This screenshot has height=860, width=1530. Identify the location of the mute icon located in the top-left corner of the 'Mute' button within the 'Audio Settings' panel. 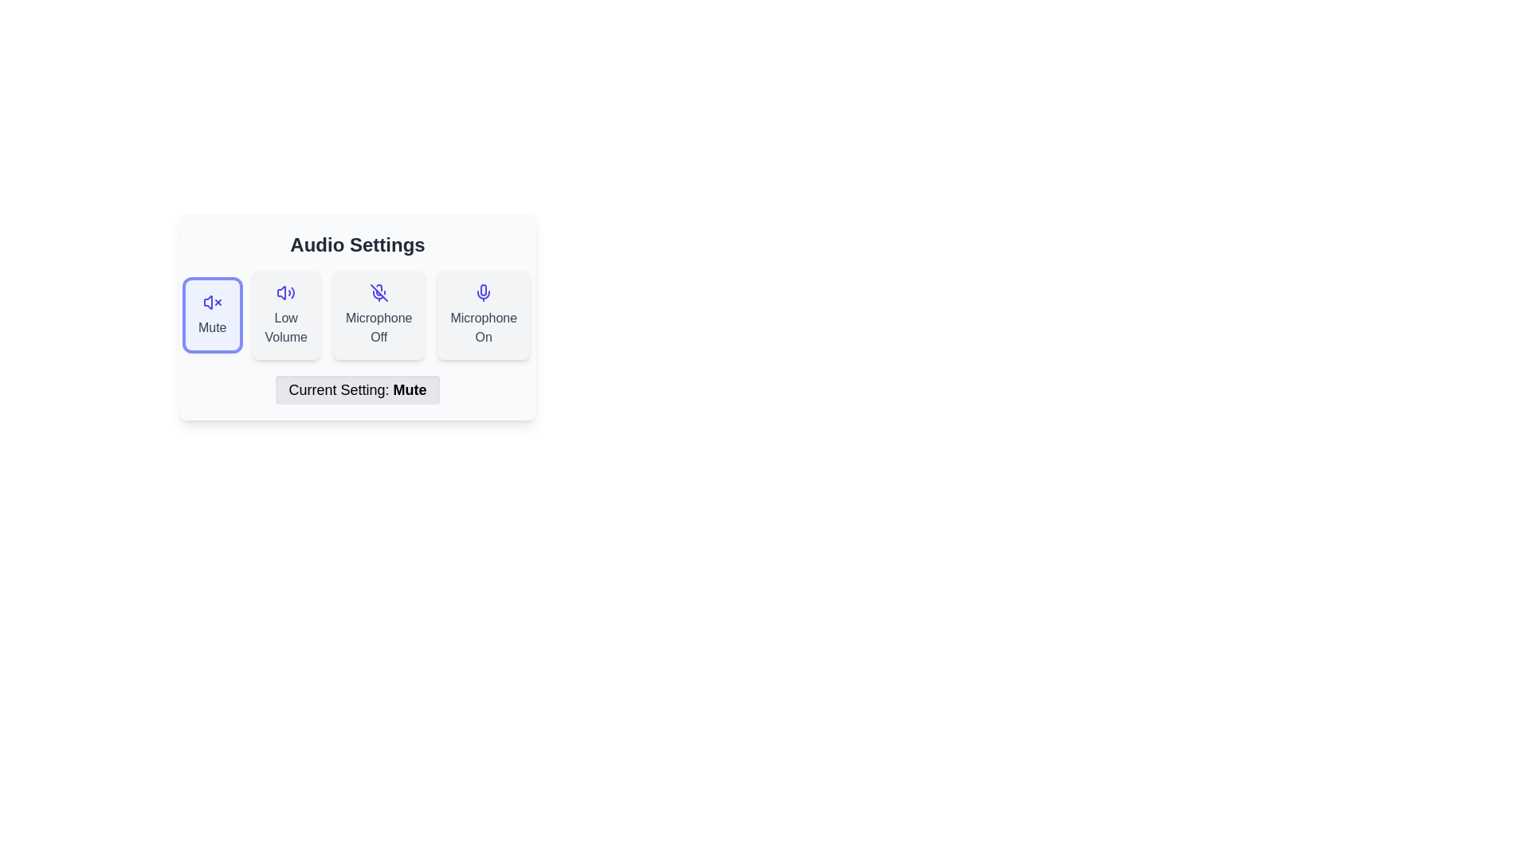
(207, 303).